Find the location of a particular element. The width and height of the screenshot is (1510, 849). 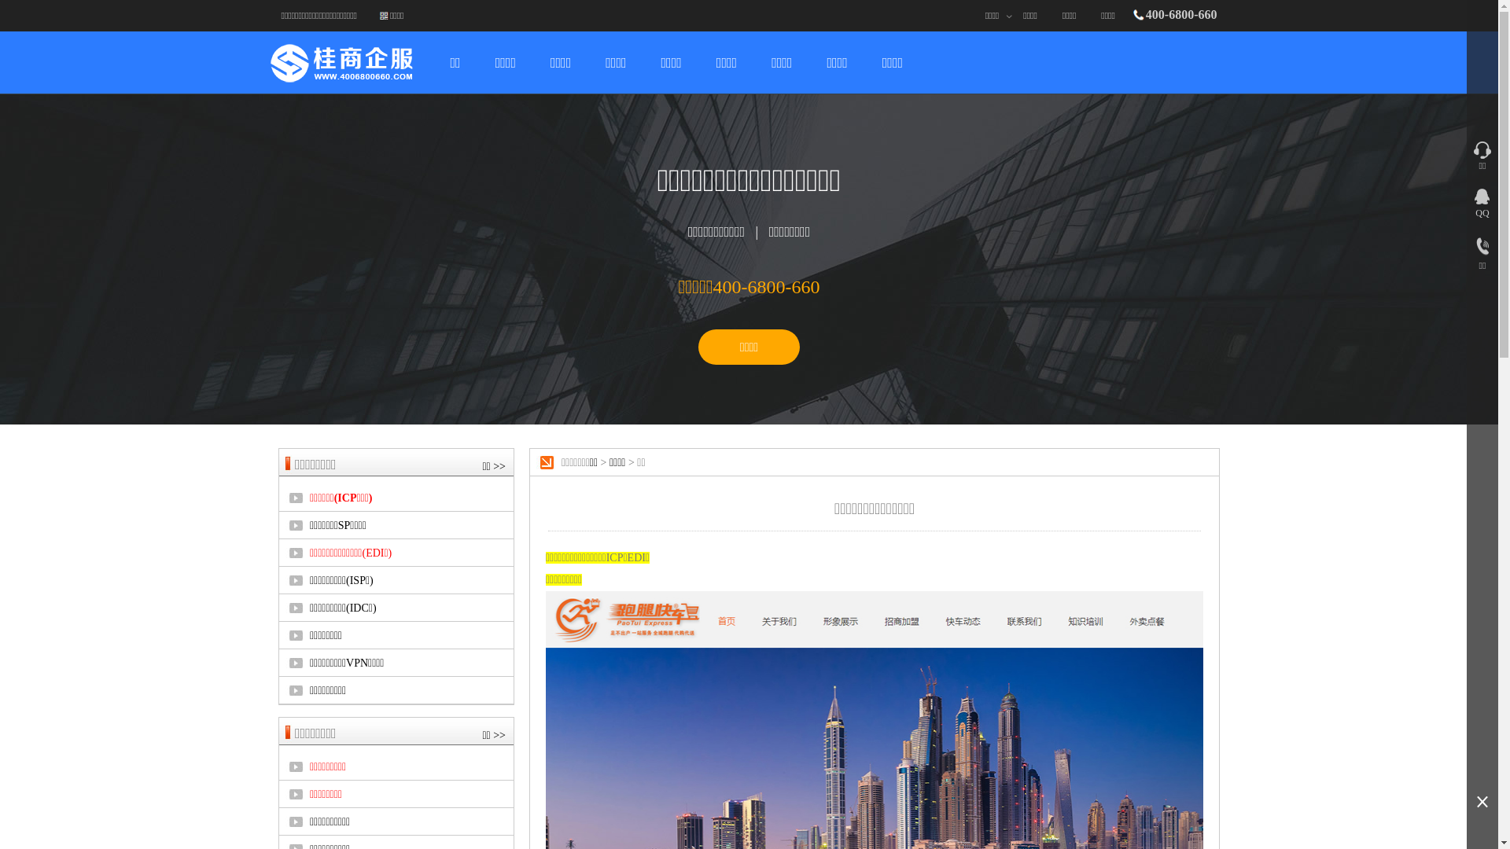

'QQ' is located at coordinates (1482, 200).